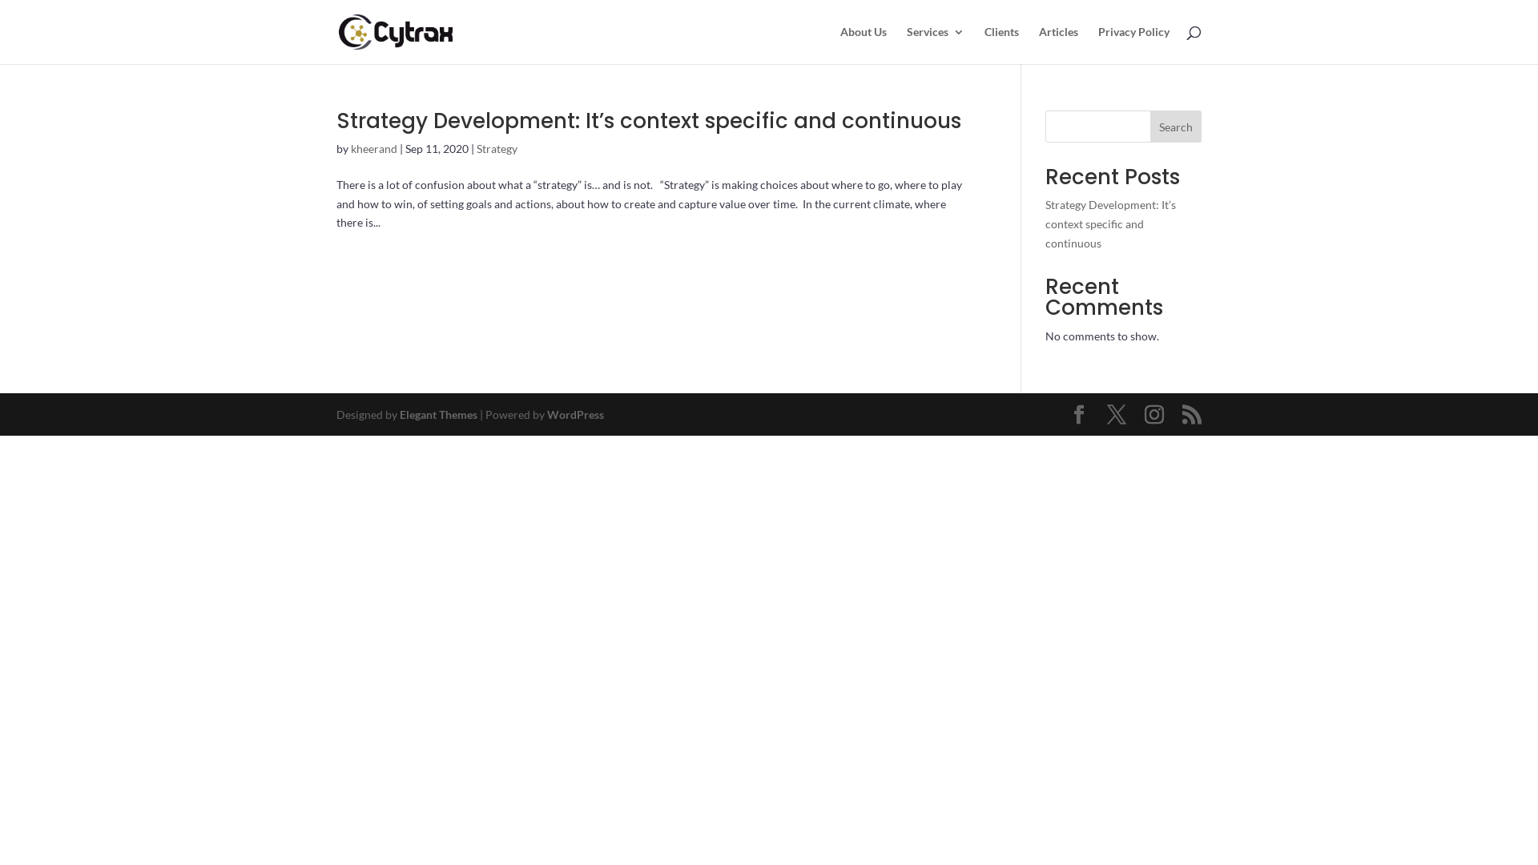  What do you see at coordinates (863, 44) in the screenshot?
I see `'About Us'` at bounding box center [863, 44].